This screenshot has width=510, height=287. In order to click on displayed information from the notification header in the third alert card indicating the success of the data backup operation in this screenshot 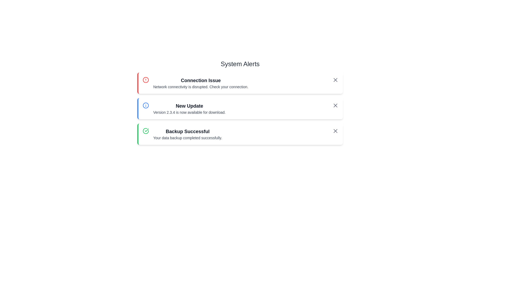, I will do `click(188, 131)`.